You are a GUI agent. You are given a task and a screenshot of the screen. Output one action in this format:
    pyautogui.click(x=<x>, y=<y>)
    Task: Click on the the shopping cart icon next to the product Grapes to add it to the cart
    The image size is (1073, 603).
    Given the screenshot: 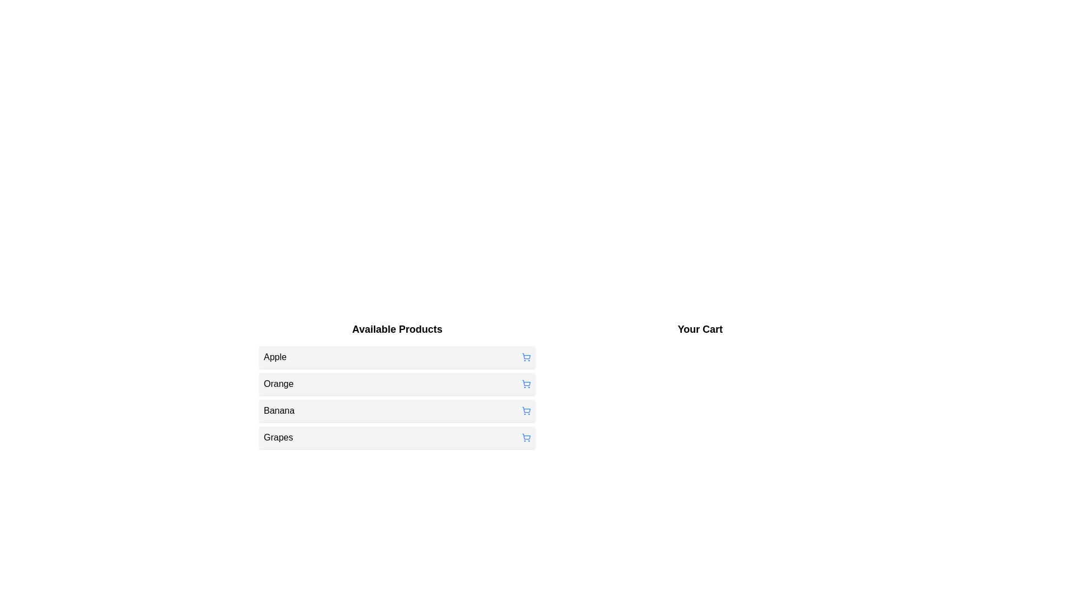 What is the action you would take?
    pyautogui.click(x=525, y=437)
    